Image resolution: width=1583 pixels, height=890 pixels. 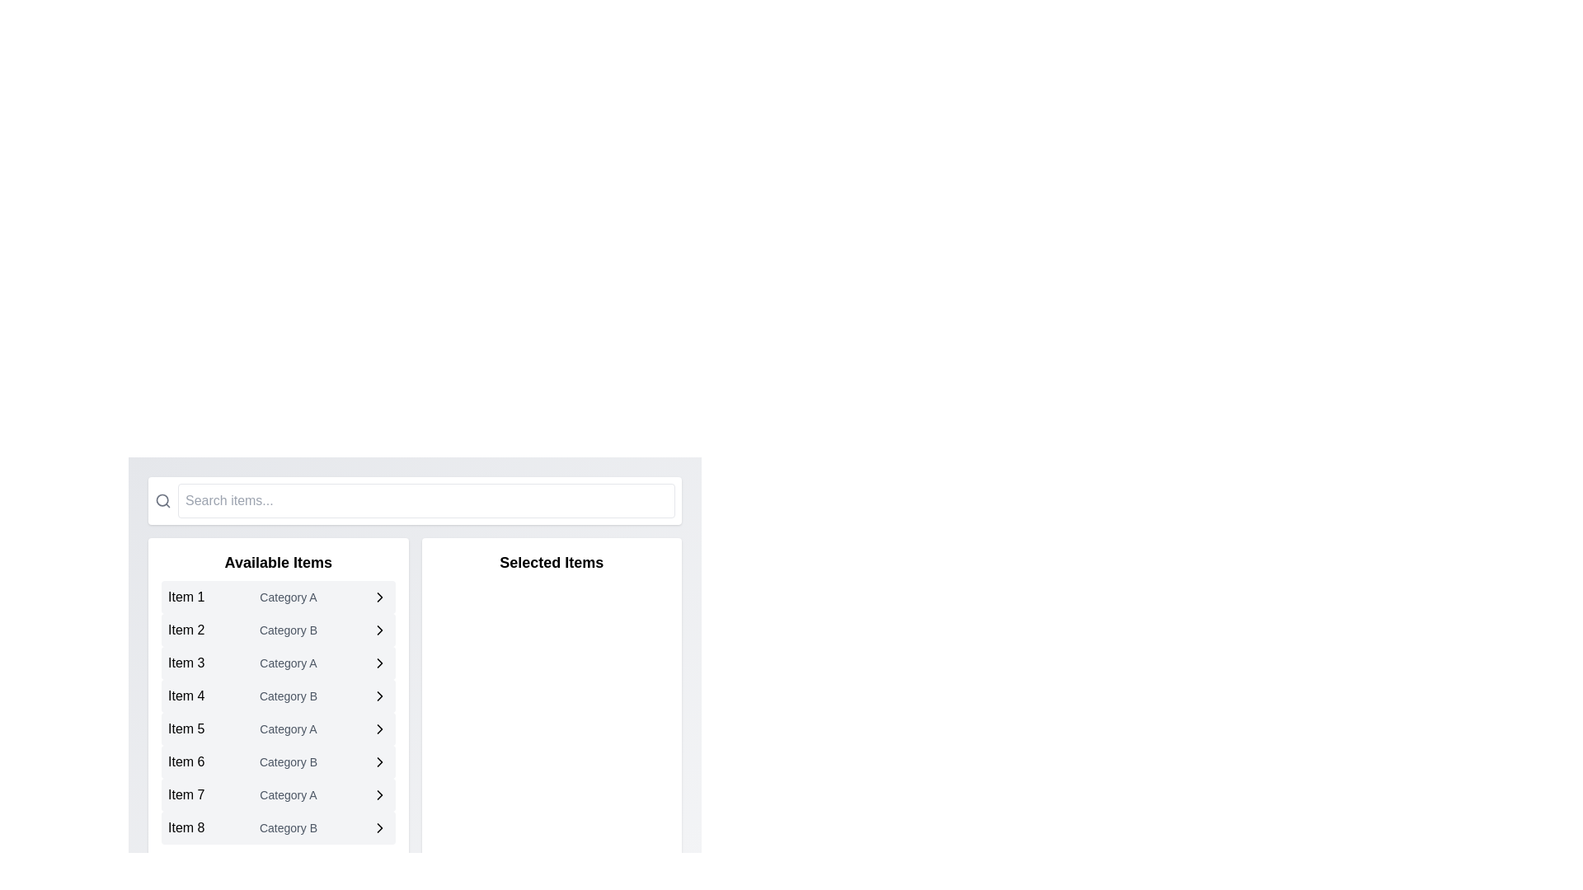 What do you see at coordinates (379, 728) in the screenshot?
I see `the icon button located at the far right of the row labeled 'Item 5 Category A' in the 'Available Items' section to trigger the hover effect` at bounding box center [379, 728].